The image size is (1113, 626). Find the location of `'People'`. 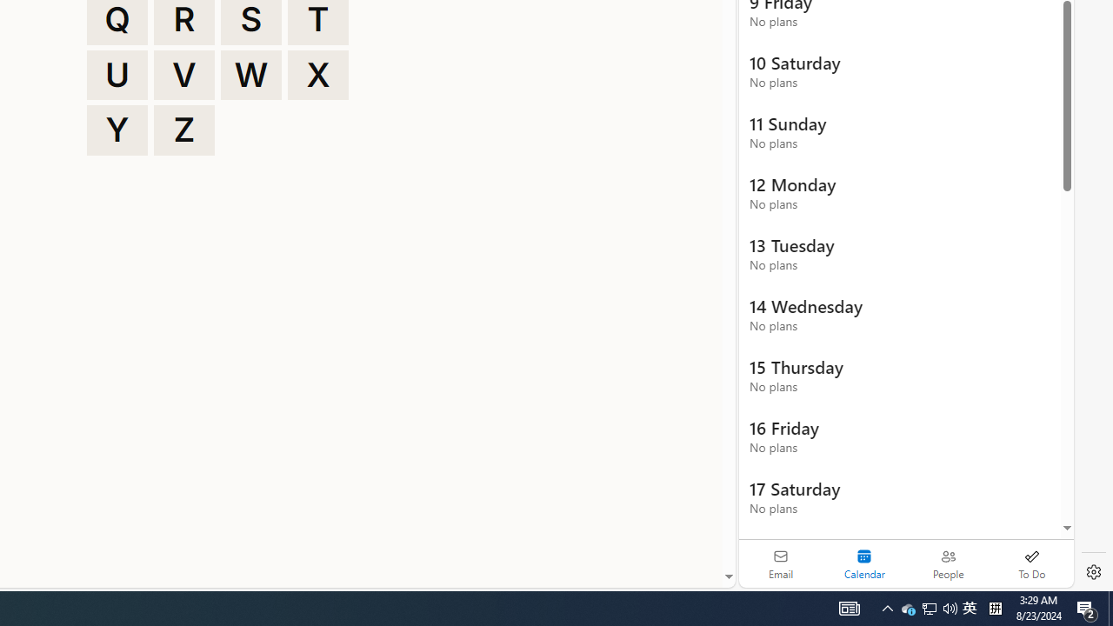

'People' is located at coordinates (947, 563).